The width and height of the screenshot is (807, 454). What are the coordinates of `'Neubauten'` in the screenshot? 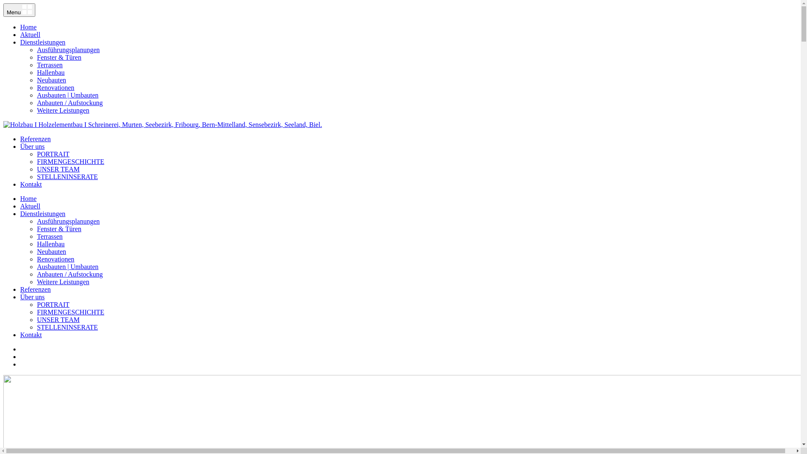 It's located at (51, 251).